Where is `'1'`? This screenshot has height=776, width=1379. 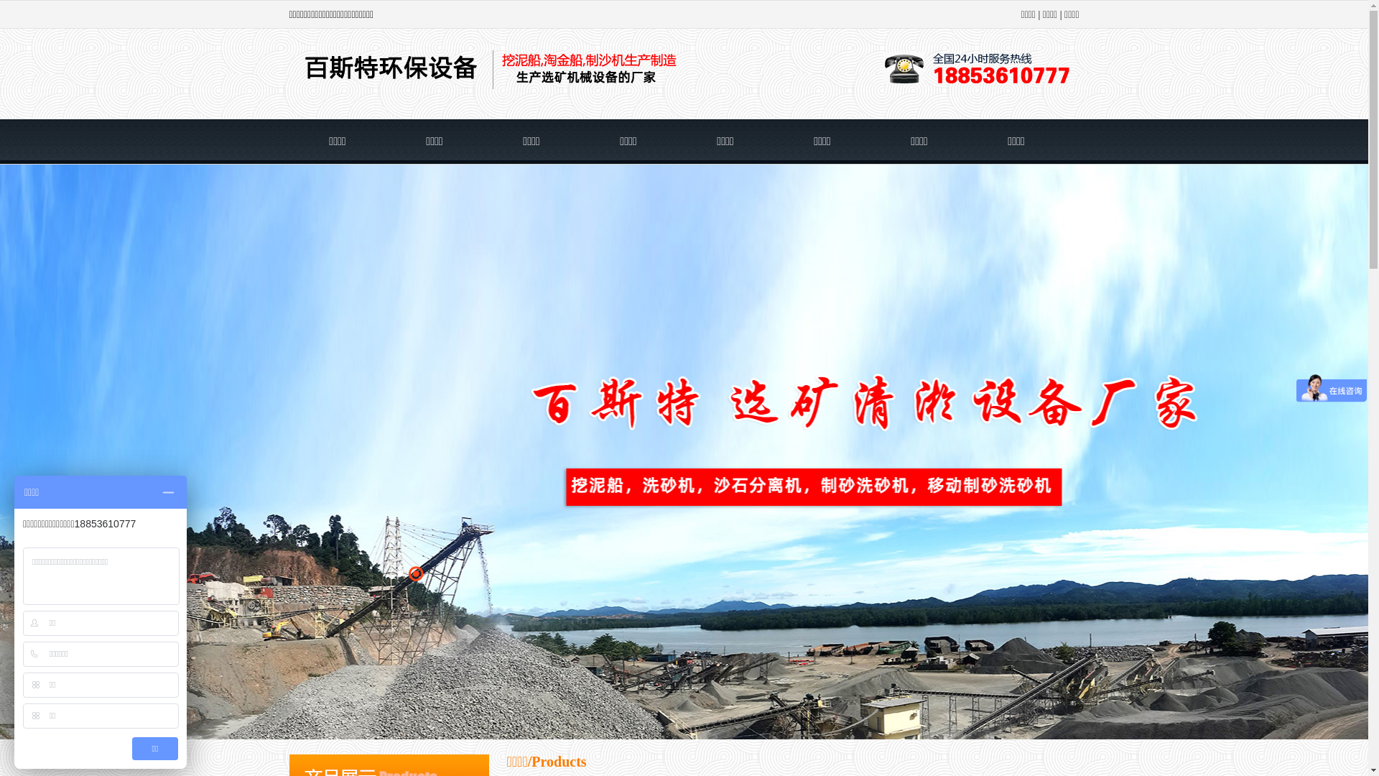 '1' is located at coordinates (401, 573).